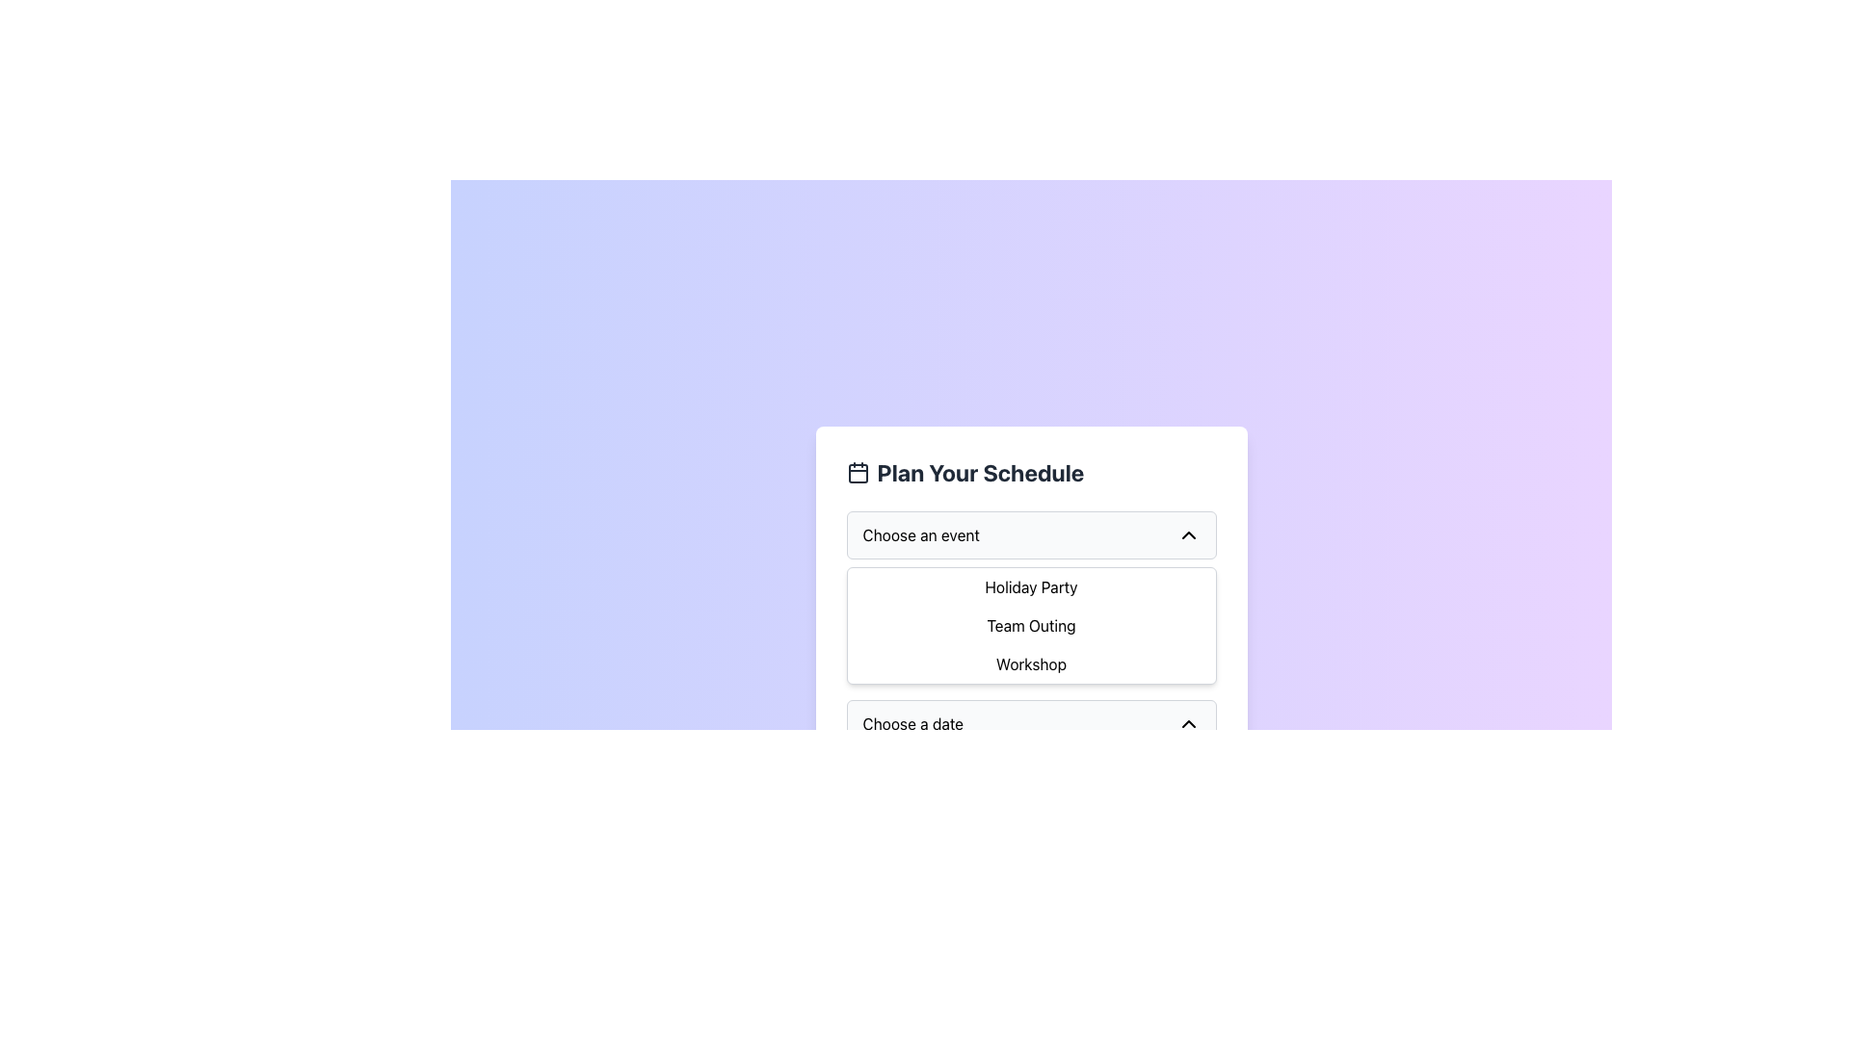 The height and width of the screenshot is (1040, 1850). I want to click on the first dropdown menu under the title 'Plan Your Schedule', so click(1030, 597).